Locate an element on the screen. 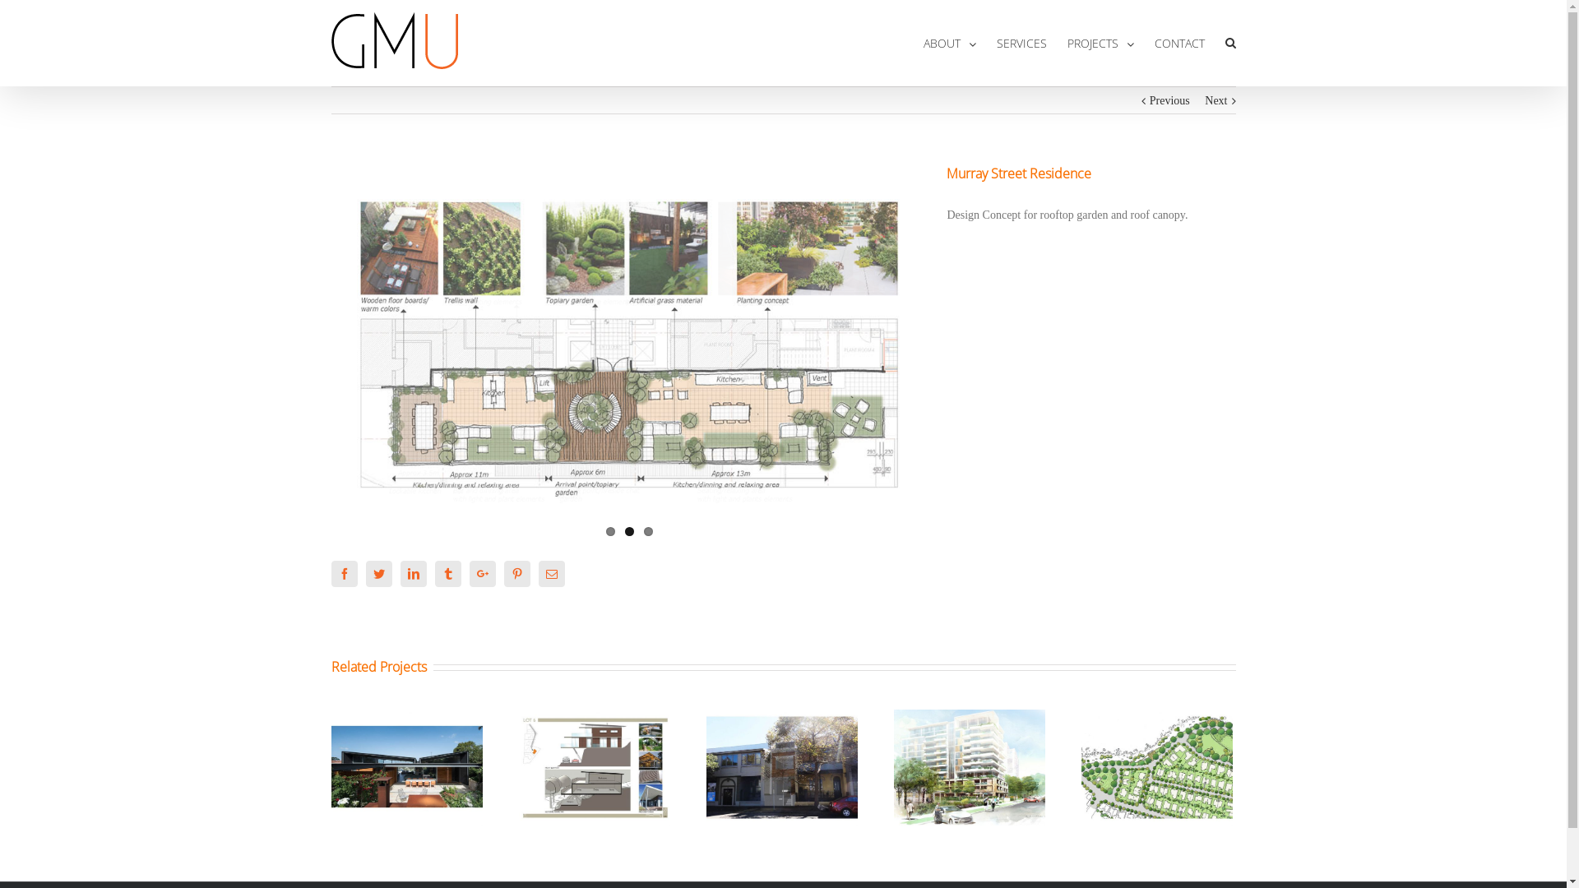 The width and height of the screenshot is (1579, 888). 'Next' is located at coordinates (1216, 101).